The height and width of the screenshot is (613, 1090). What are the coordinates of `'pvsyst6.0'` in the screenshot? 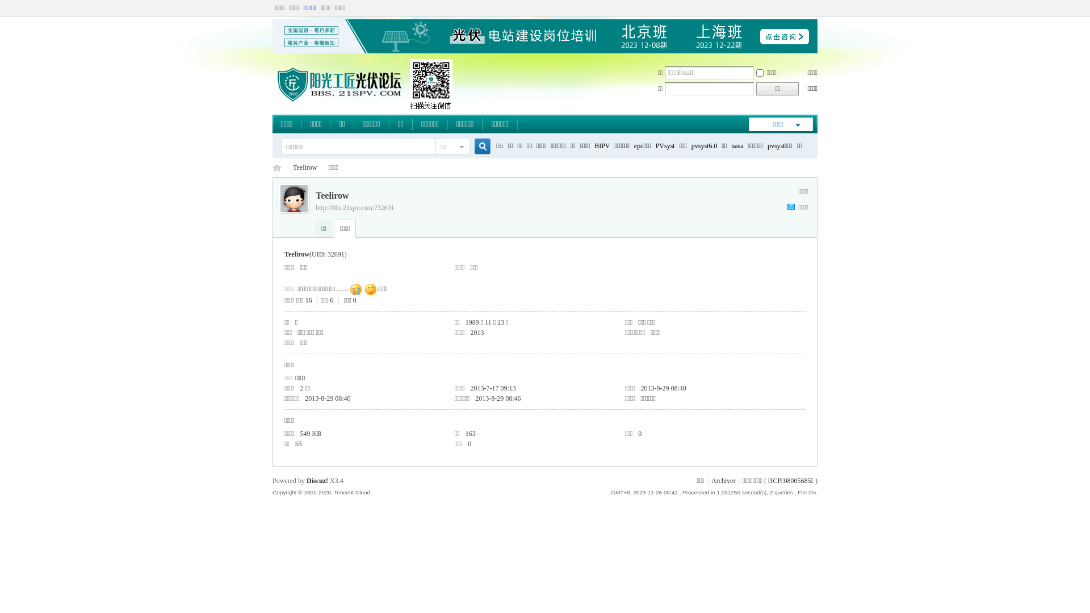 It's located at (704, 145).